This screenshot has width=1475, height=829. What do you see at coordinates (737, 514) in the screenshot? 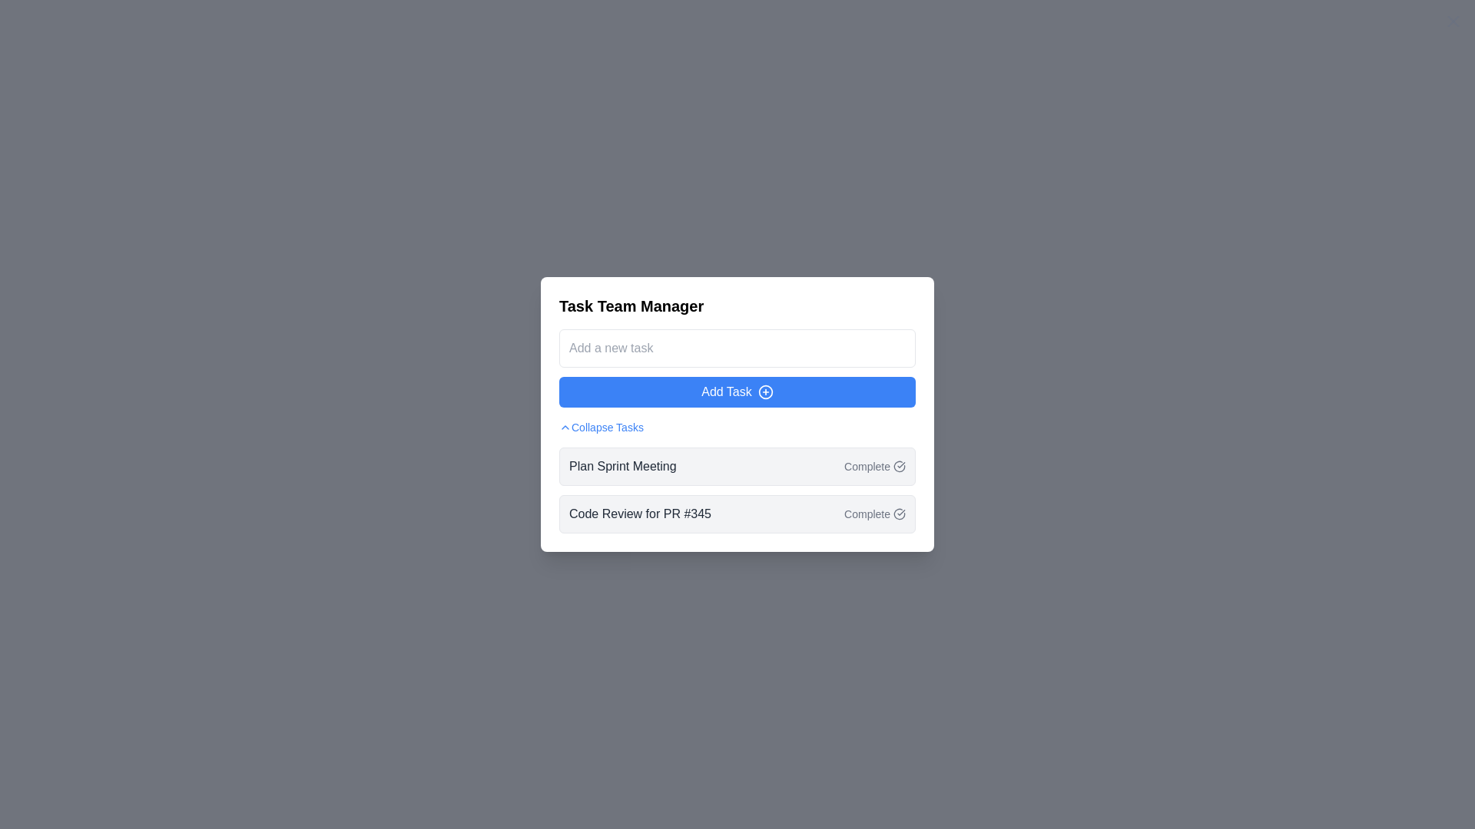
I see `the second task item in the to-do list, which is located directly below the 'Plan Sprint Meeting' task entry` at bounding box center [737, 514].